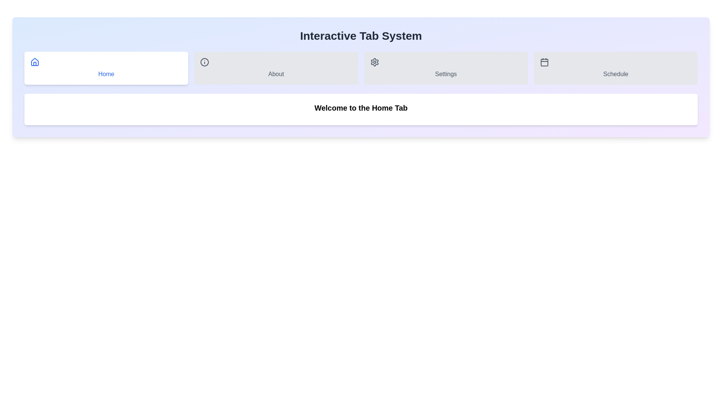  What do you see at coordinates (106, 68) in the screenshot?
I see `the Home tab by clicking its respective button` at bounding box center [106, 68].